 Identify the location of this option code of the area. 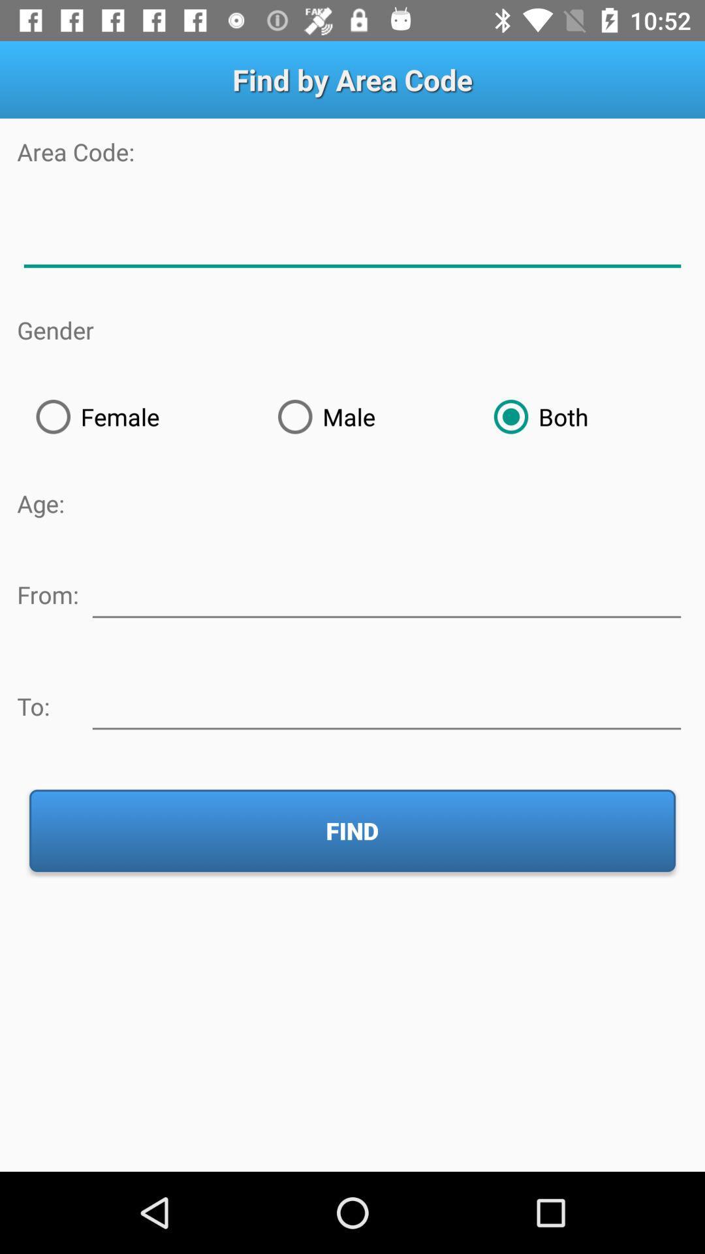
(352, 241).